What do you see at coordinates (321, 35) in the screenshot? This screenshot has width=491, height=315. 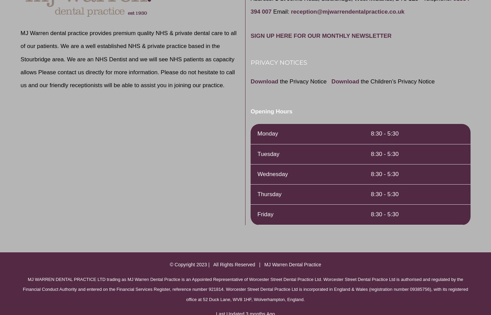 I see `'SIGN UP HERE FOR OUR MONTHLY NEWSLETTER'` at bounding box center [321, 35].